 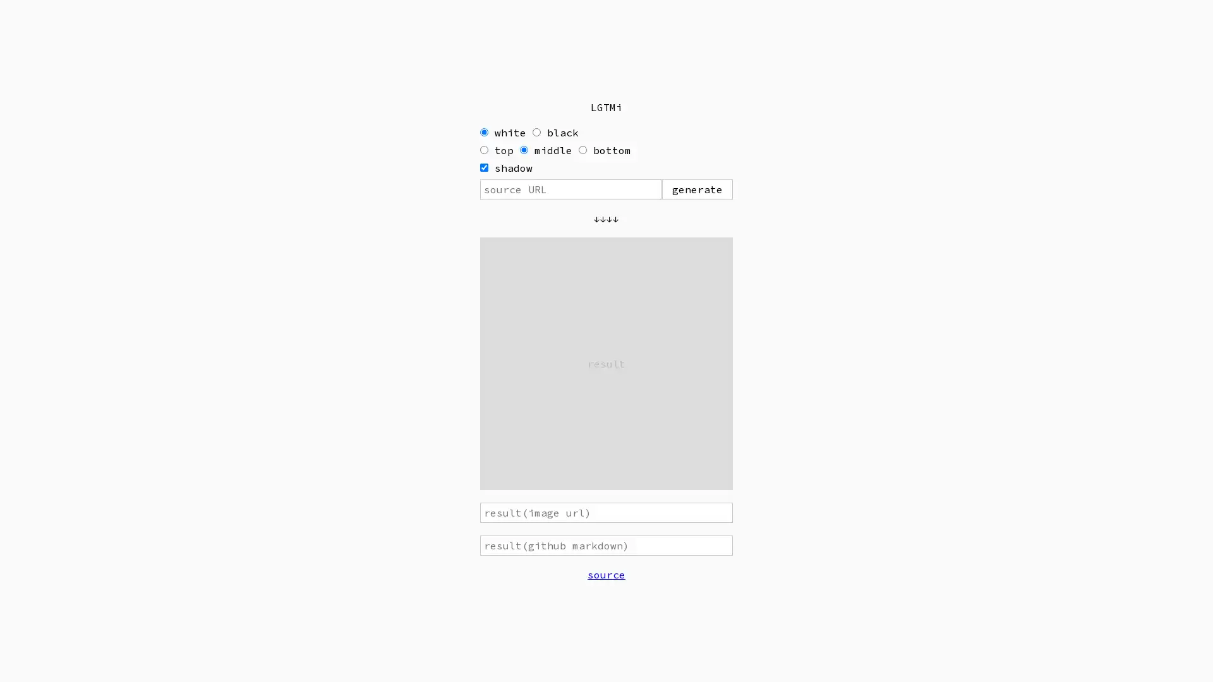 I want to click on generate, so click(x=697, y=189).